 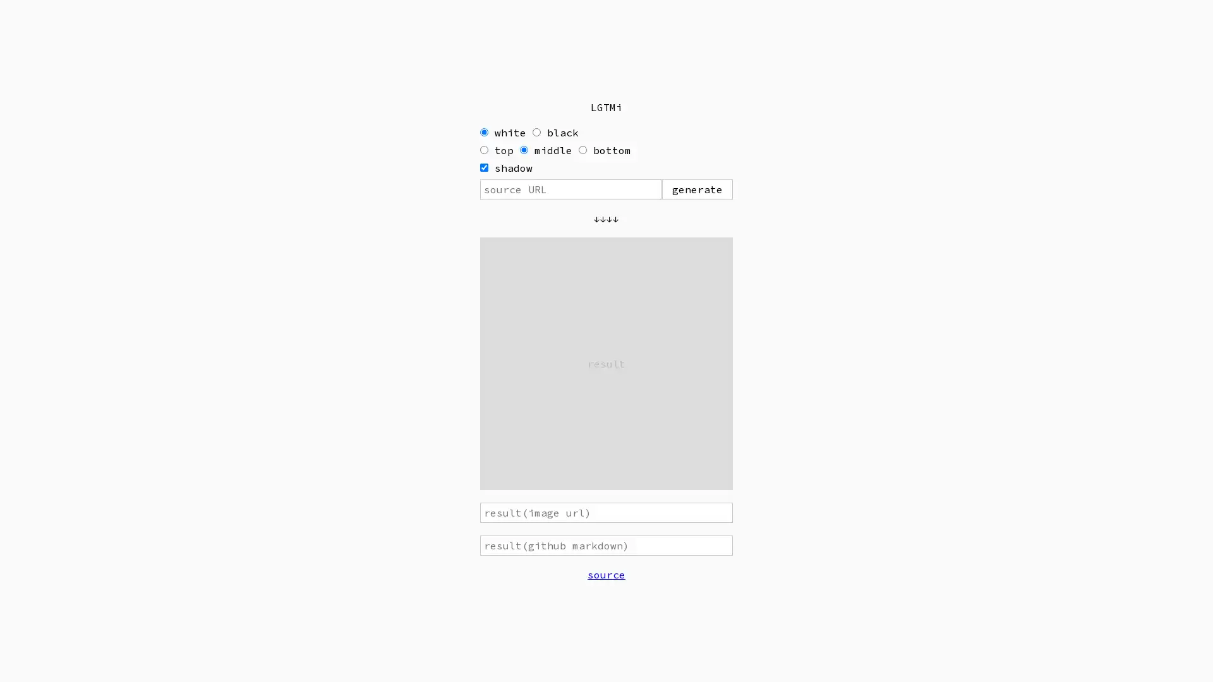 I want to click on generate, so click(x=697, y=189).